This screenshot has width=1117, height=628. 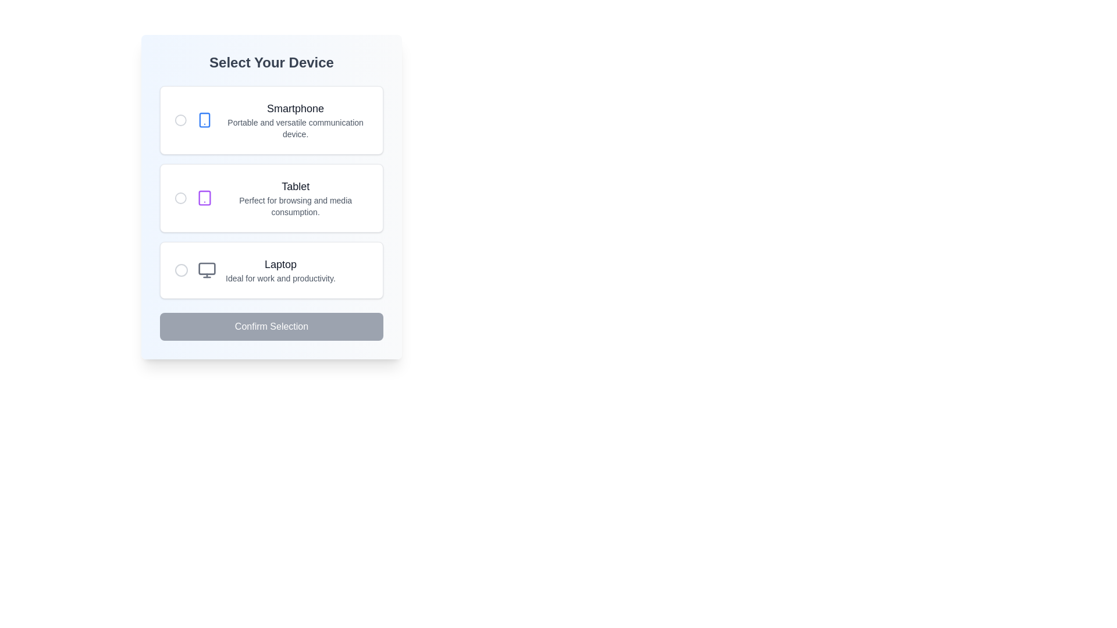 I want to click on the descriptive text 'Portable and versatile communication device.' of the List item titled 'Smartphone', which features a blue smartphone icon on the left, so click(x=282, y=120).